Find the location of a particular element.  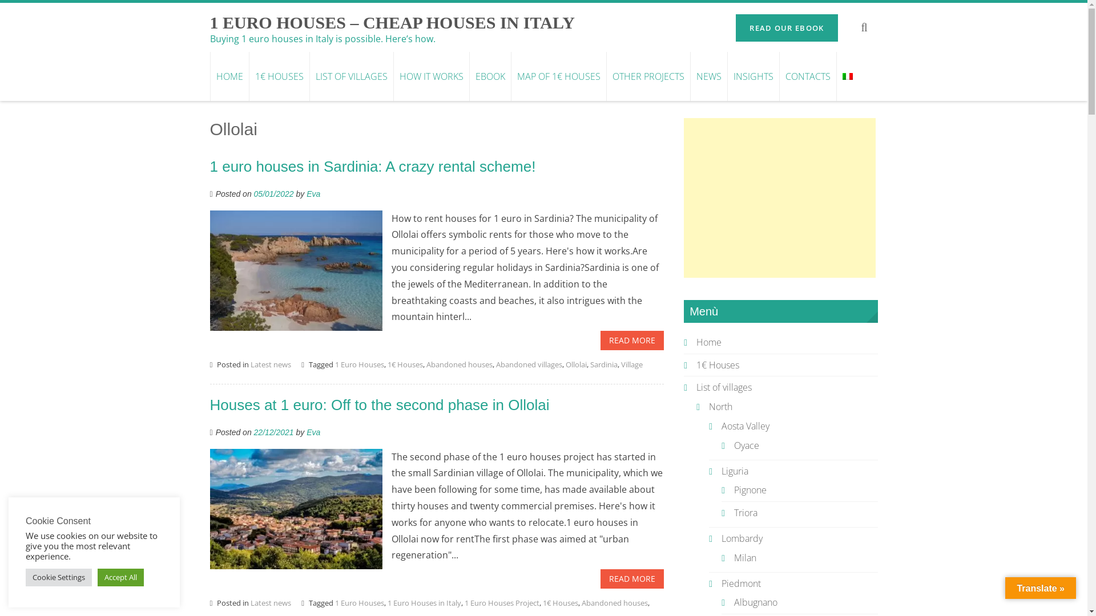

'CONTACTS' is located at coordinates (807, 76).